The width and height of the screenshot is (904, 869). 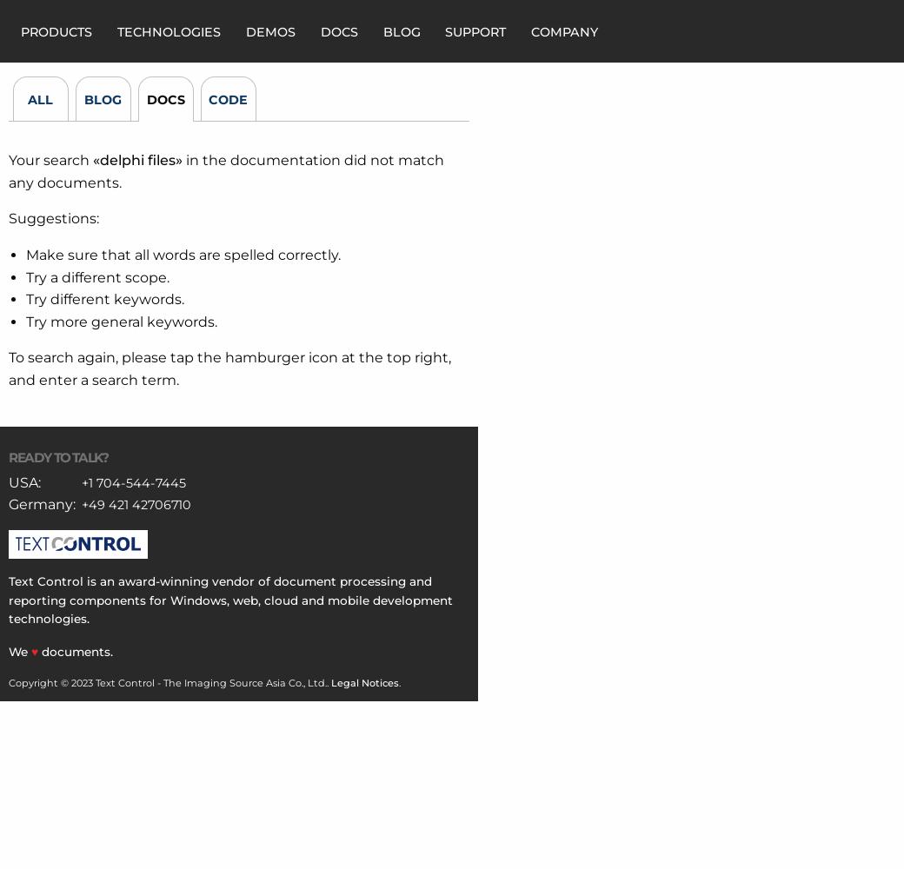 What do you see at coordinates (229, 368) in the screenshot?
I see `'To search again, please tap the hamburger icon at the top right, and enter a search term.'` at bounding box center [229, 368].